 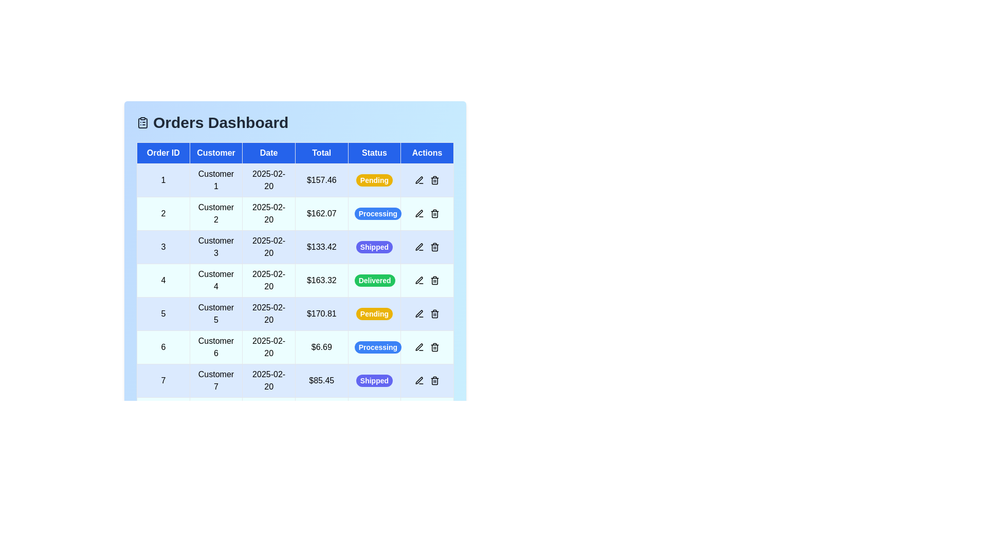 I want to click on the edit icon in the 'Actions' column for the order with ID 7, so click(x=419, y=380).